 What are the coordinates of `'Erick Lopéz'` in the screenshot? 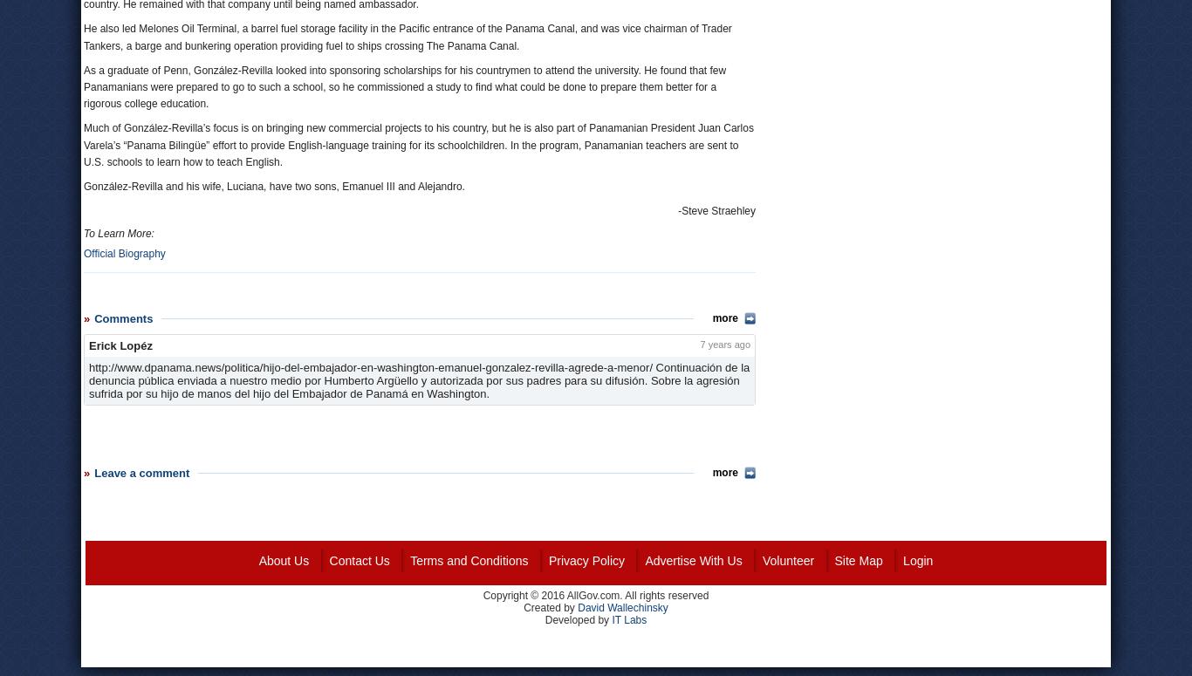 It's located at (119, 345).